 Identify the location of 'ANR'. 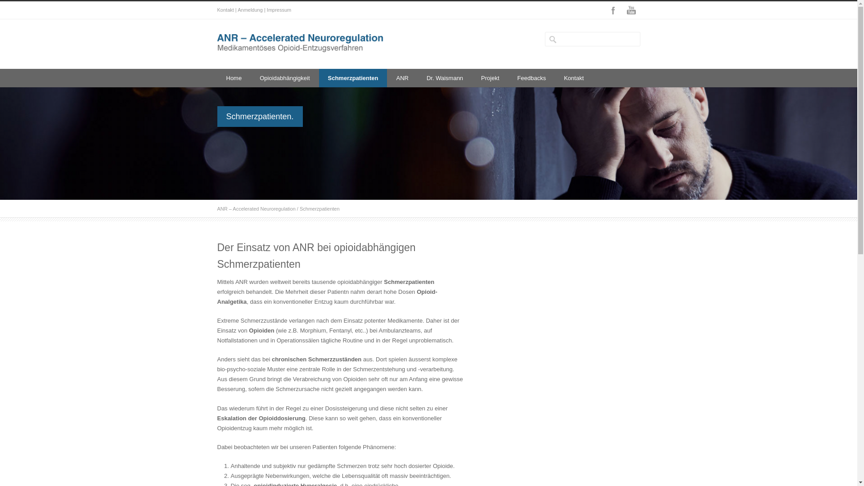
(401, 77).